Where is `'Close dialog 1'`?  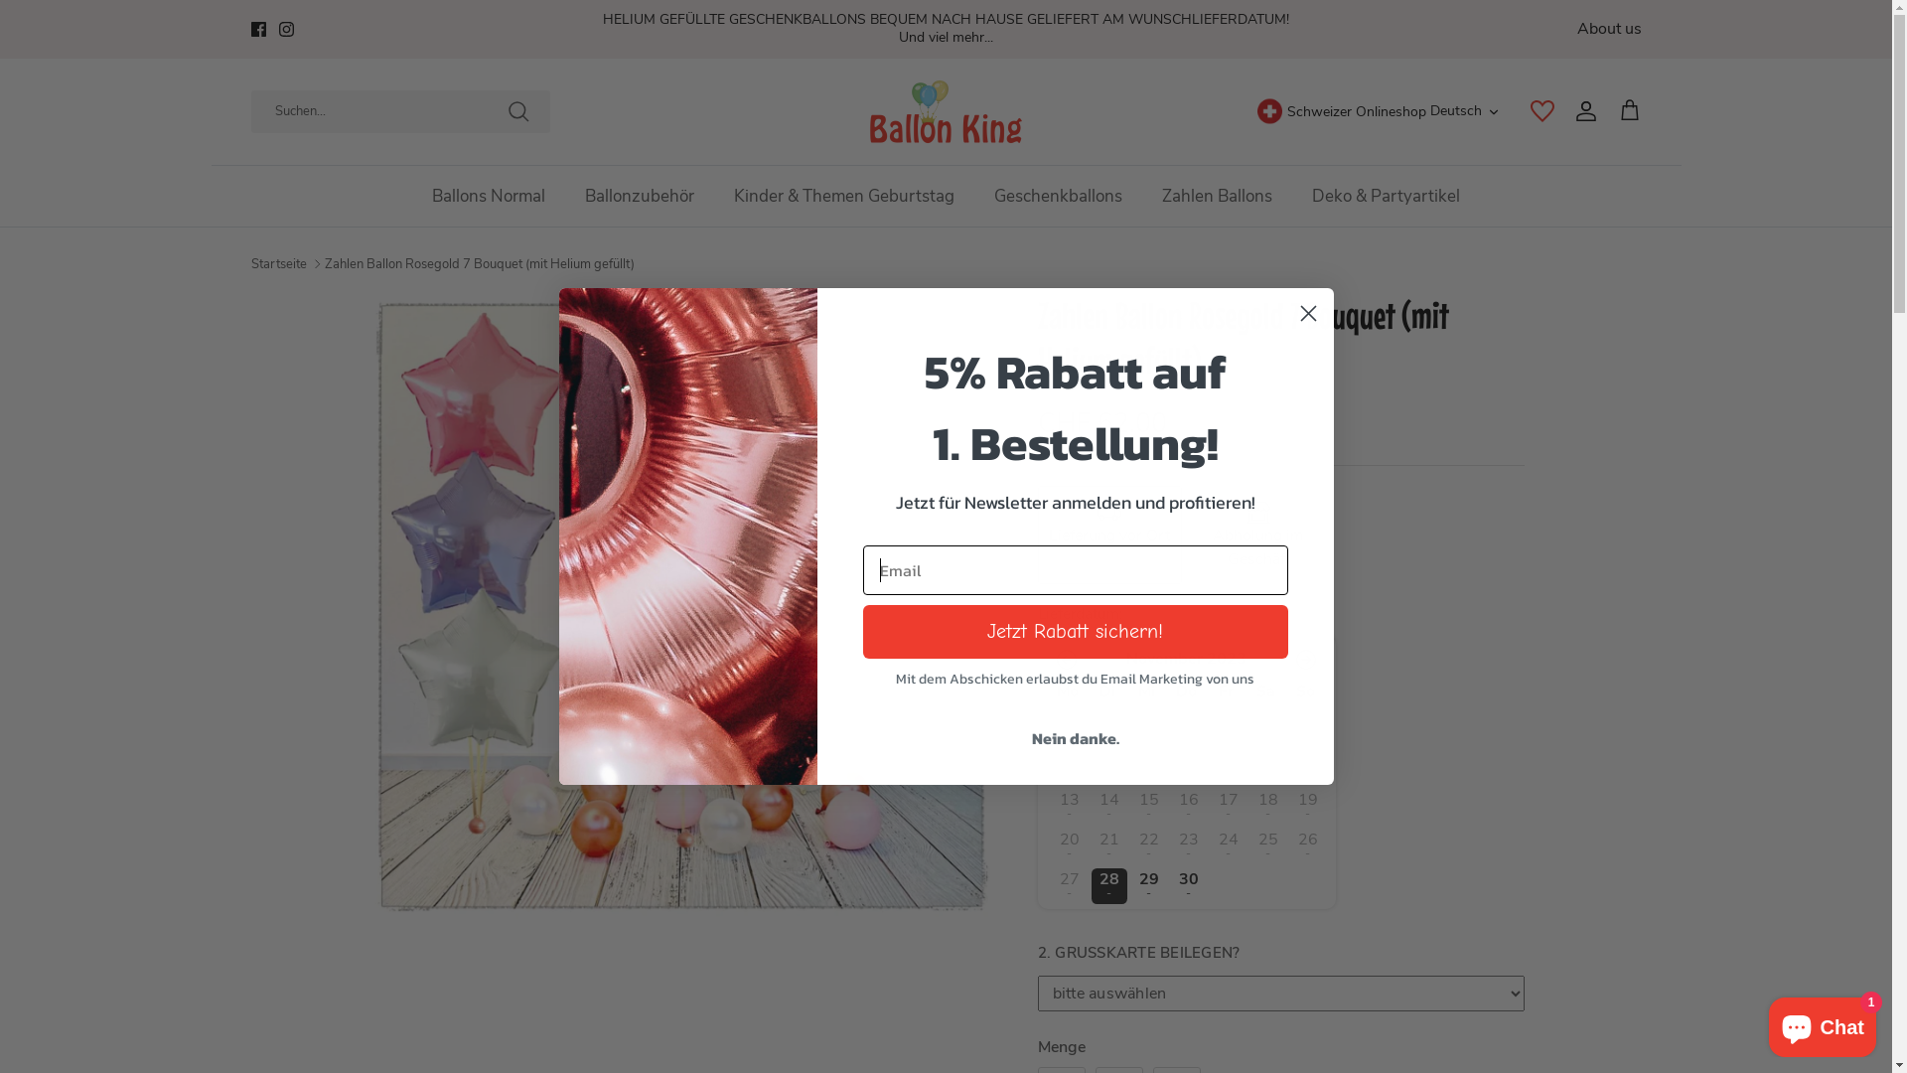
'Close dialog 1' is located at coordinates (1308, 313).